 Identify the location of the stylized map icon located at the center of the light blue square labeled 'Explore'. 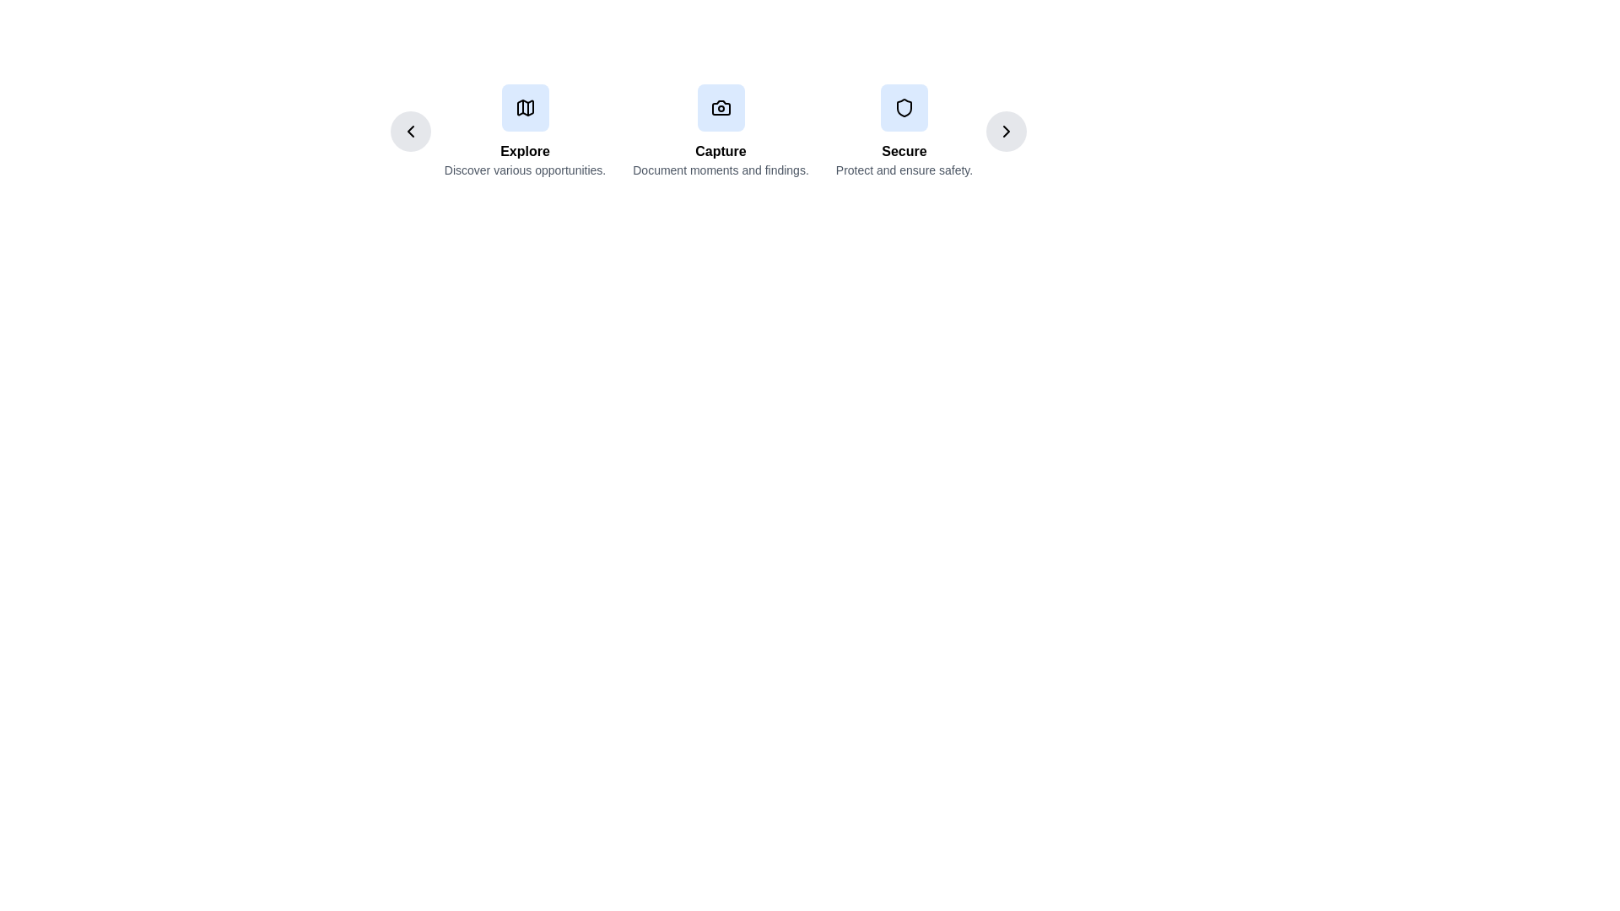
(524, 107).